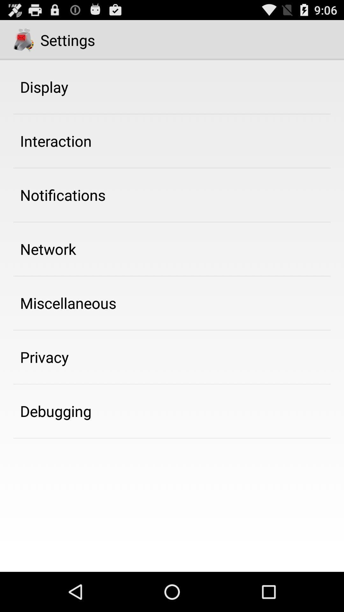  I want to click on the icon below privacy app, so click(55, 411).